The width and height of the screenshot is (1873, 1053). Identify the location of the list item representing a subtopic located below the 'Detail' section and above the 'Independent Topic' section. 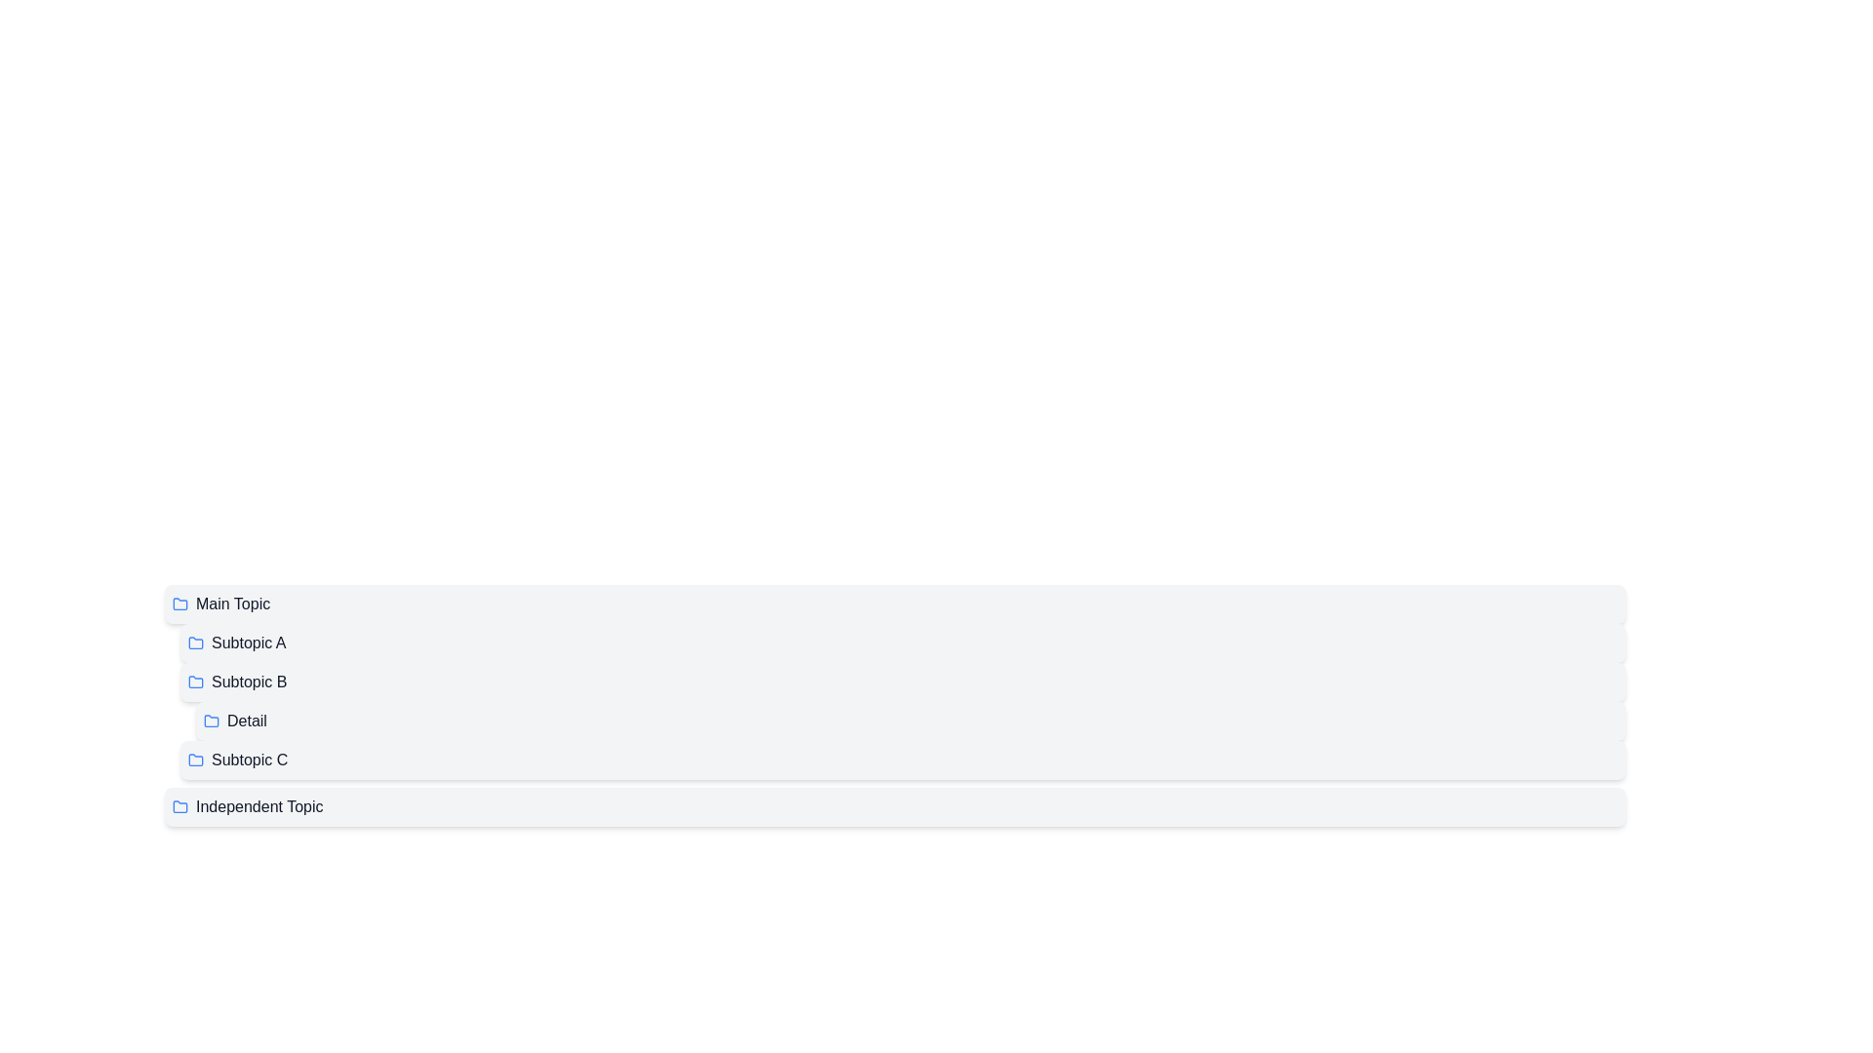
(894, 759).